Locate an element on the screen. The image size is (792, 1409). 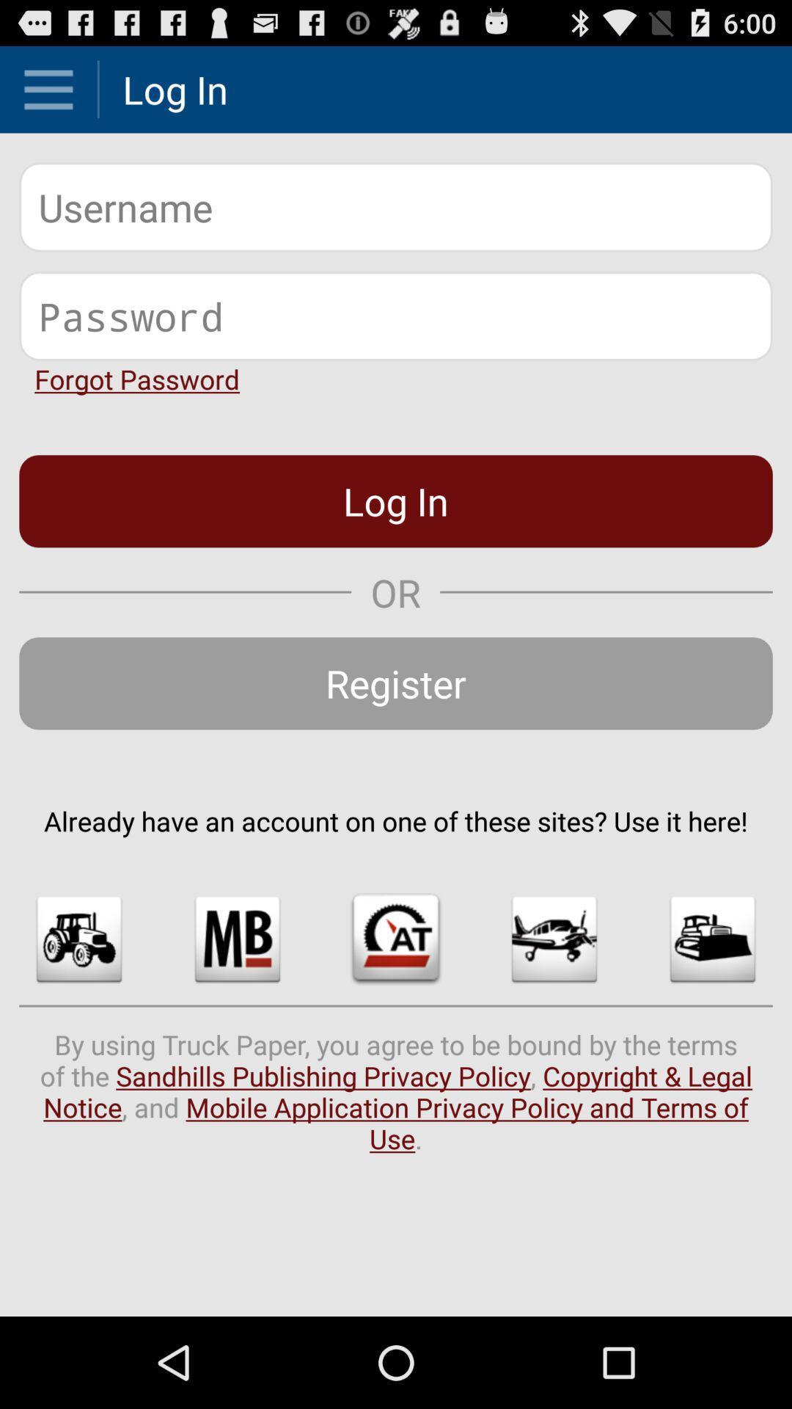
the button is used to create password is located at coordinates (396, 315).